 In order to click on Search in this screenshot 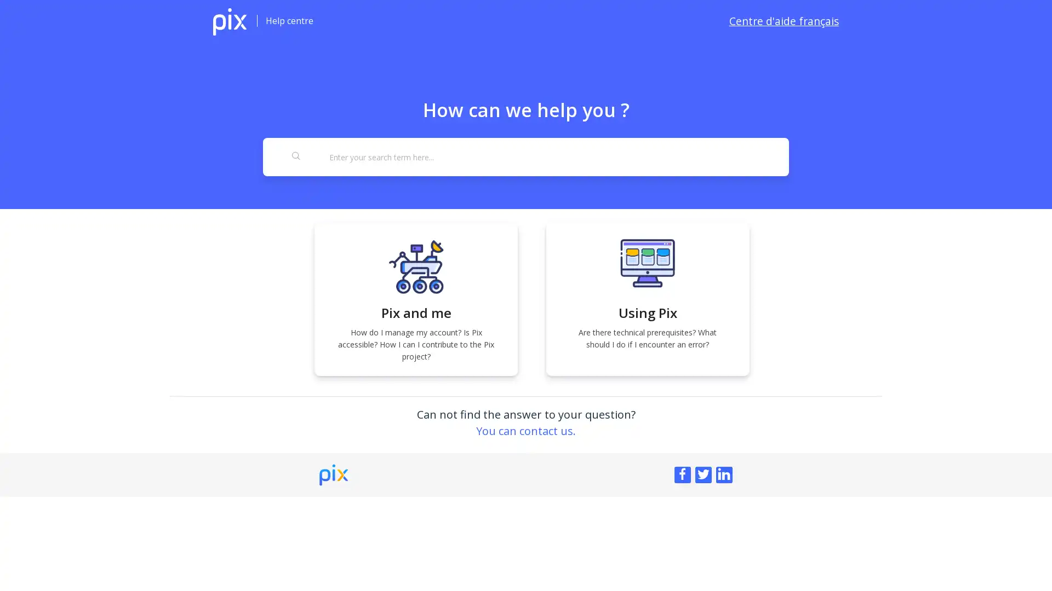, I will do `click(296, 157)`.